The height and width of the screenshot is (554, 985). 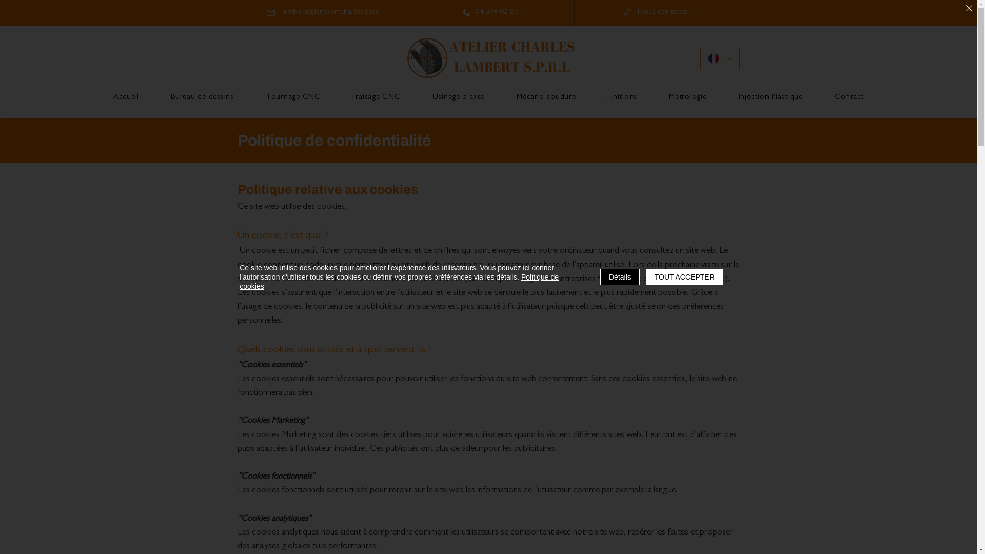 I want to click on 'Usinage 5 axes', so click(x=458, y=98).